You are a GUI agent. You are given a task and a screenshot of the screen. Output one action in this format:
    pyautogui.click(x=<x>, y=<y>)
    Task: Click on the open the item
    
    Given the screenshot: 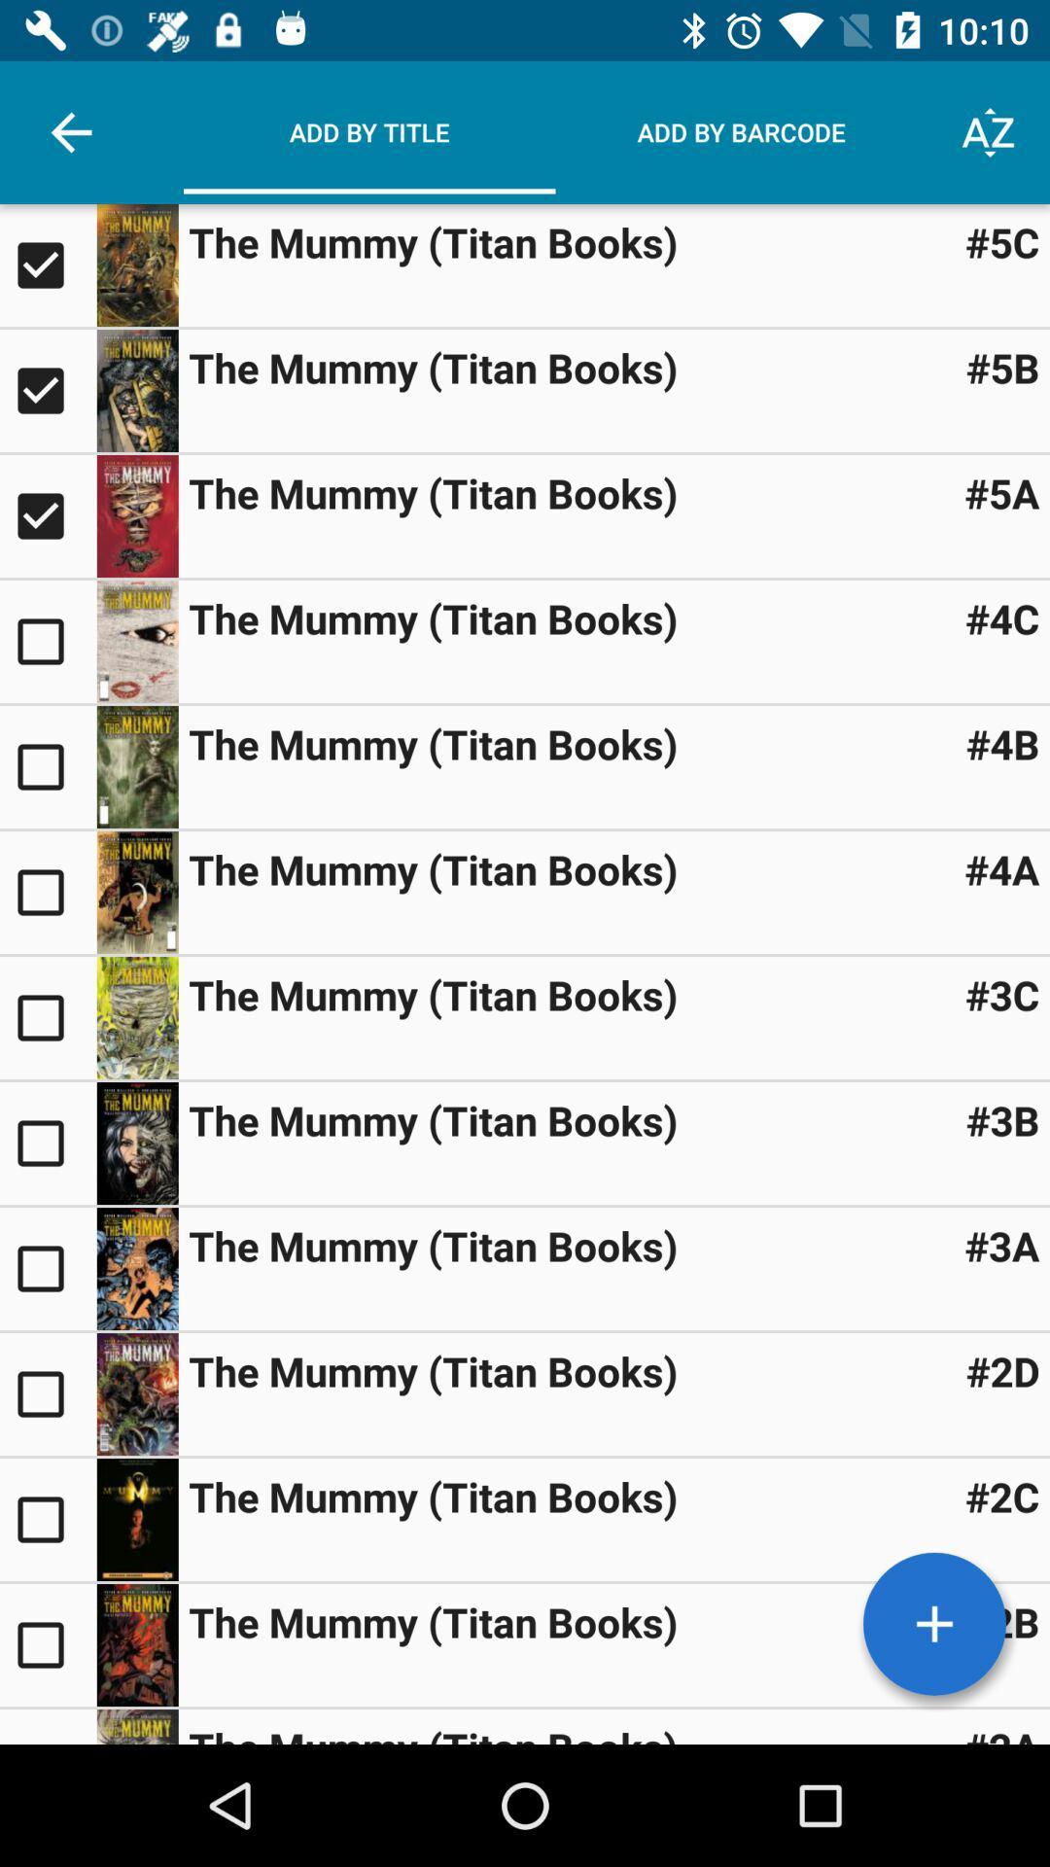 What is the action you would take?
    pyautogui.click(x=136, y=642)
    